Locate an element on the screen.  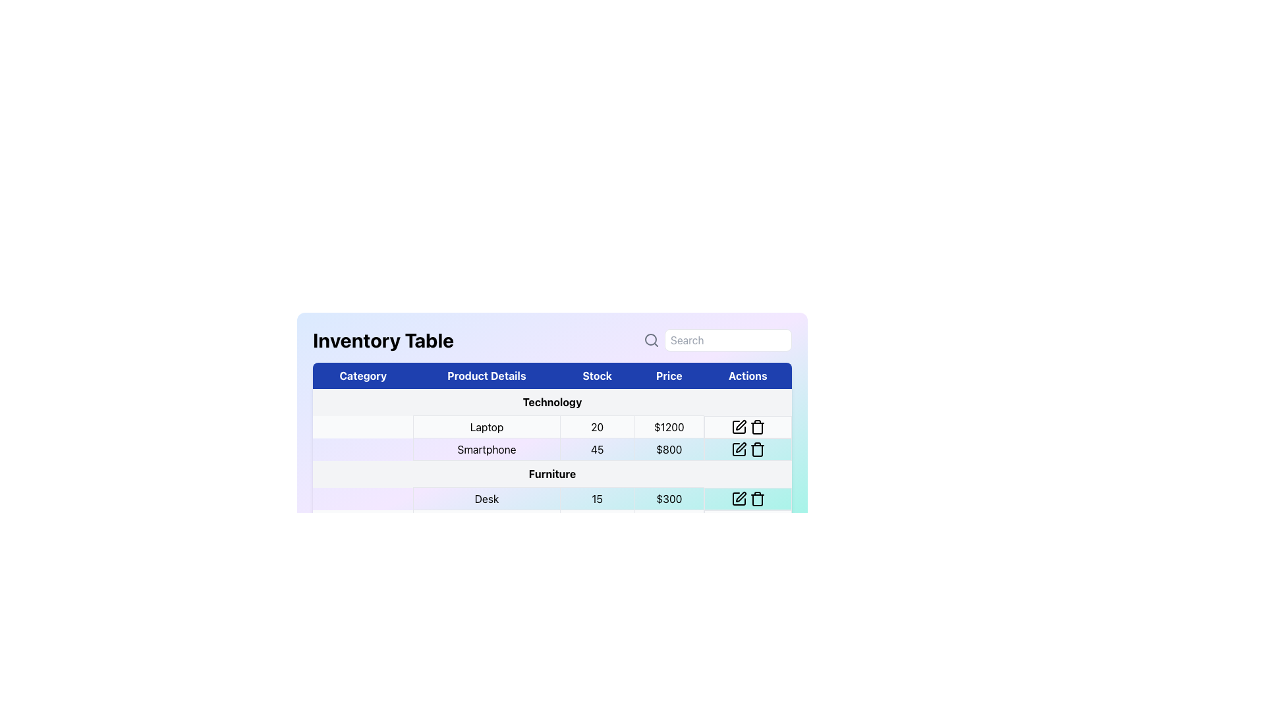
the square icon with a pen symbol in the 'Actions' column, second row of the table for the 'Smartphone' entry is located at coordinates (739, 448).